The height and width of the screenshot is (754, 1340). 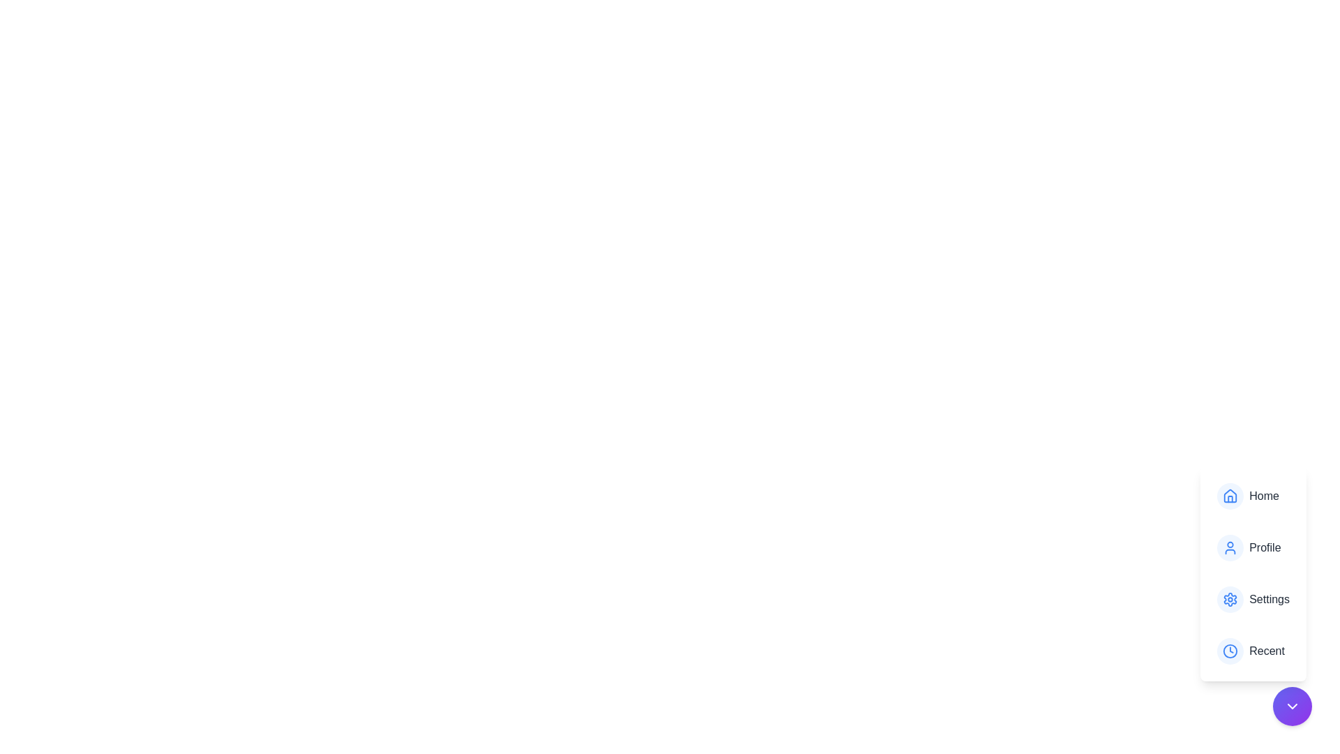 What do you see at coordinates (1253, 651) in the screenshot?
I see `the menu item Recent to view its details` at bounding box center [1253, 651].